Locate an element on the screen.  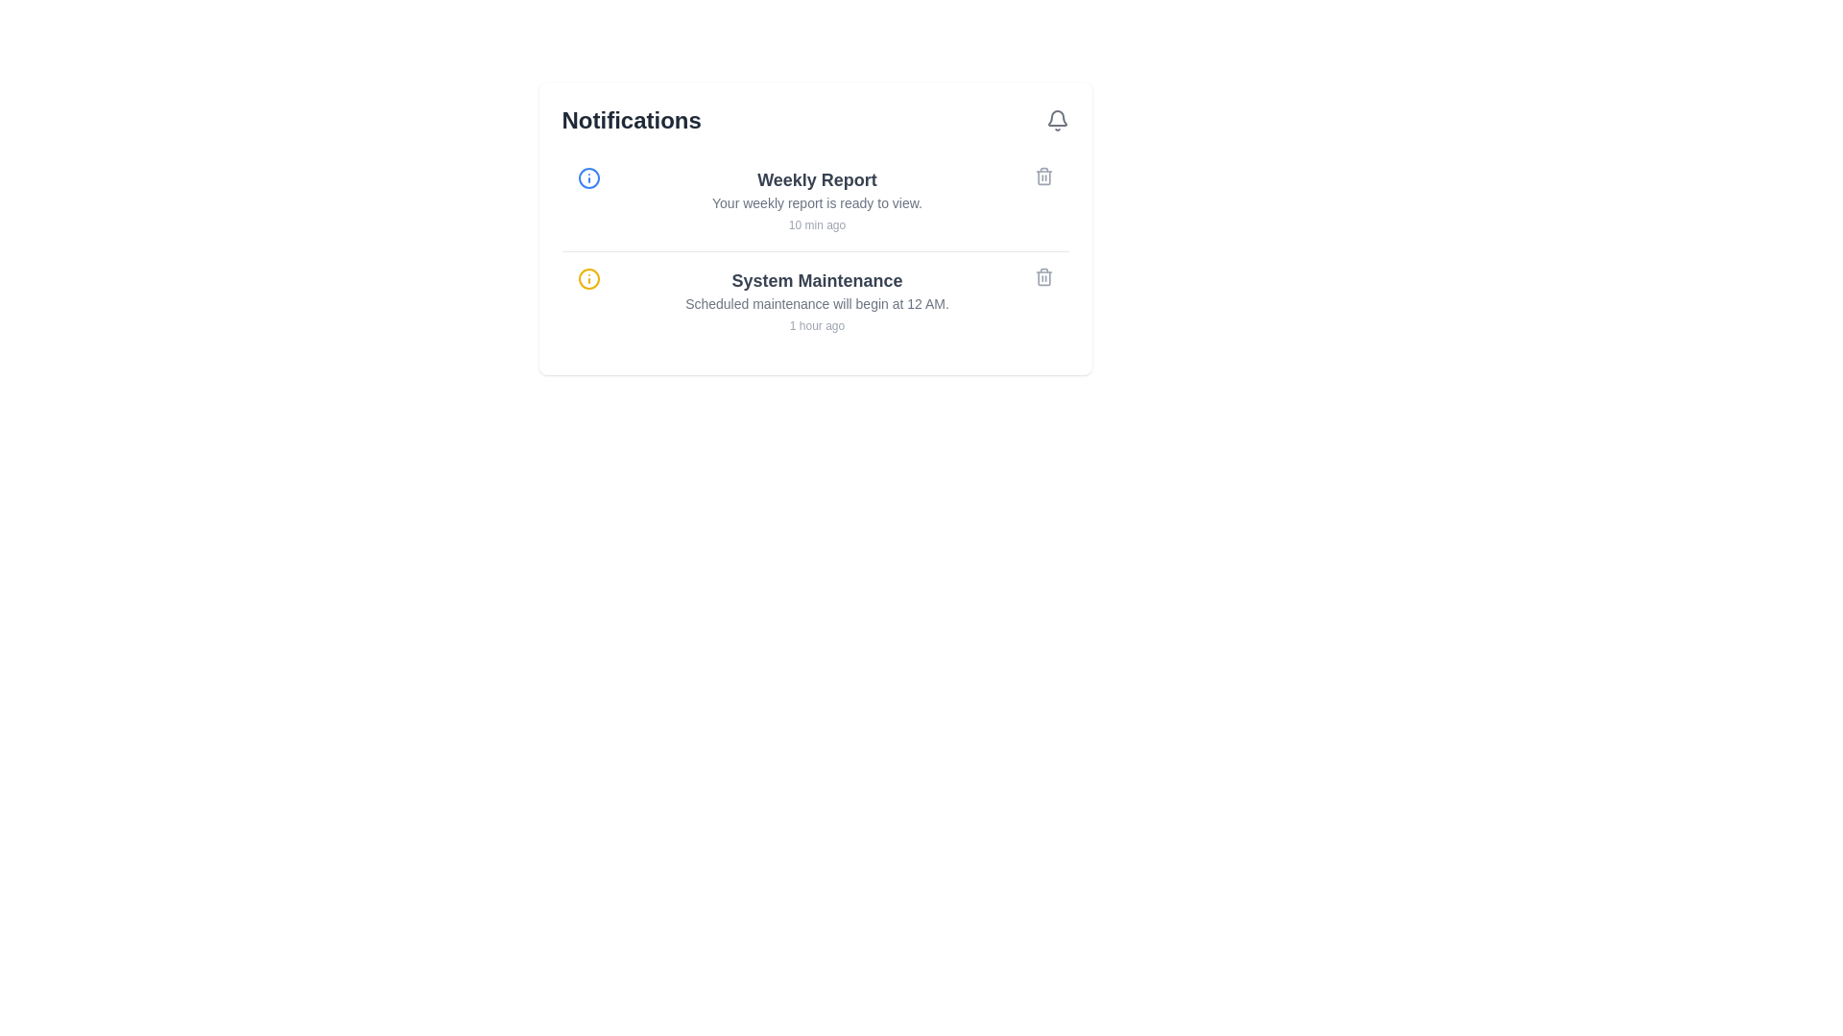
text label that displays 'Your weekly report is ready to view.' which is positioned between the title 'Weekly Report' and the timestamp '10 min ago.' is located at coordinates (817, 203).